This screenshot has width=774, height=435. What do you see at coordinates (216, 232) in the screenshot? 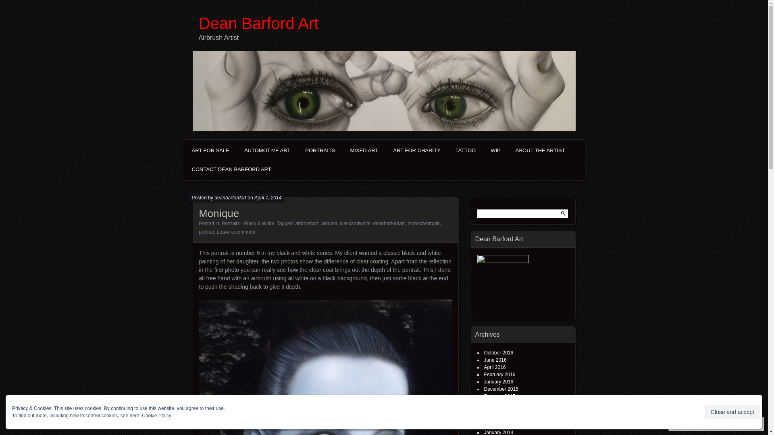
I see `'Leave a comment'` at bounding box center [216, 232].